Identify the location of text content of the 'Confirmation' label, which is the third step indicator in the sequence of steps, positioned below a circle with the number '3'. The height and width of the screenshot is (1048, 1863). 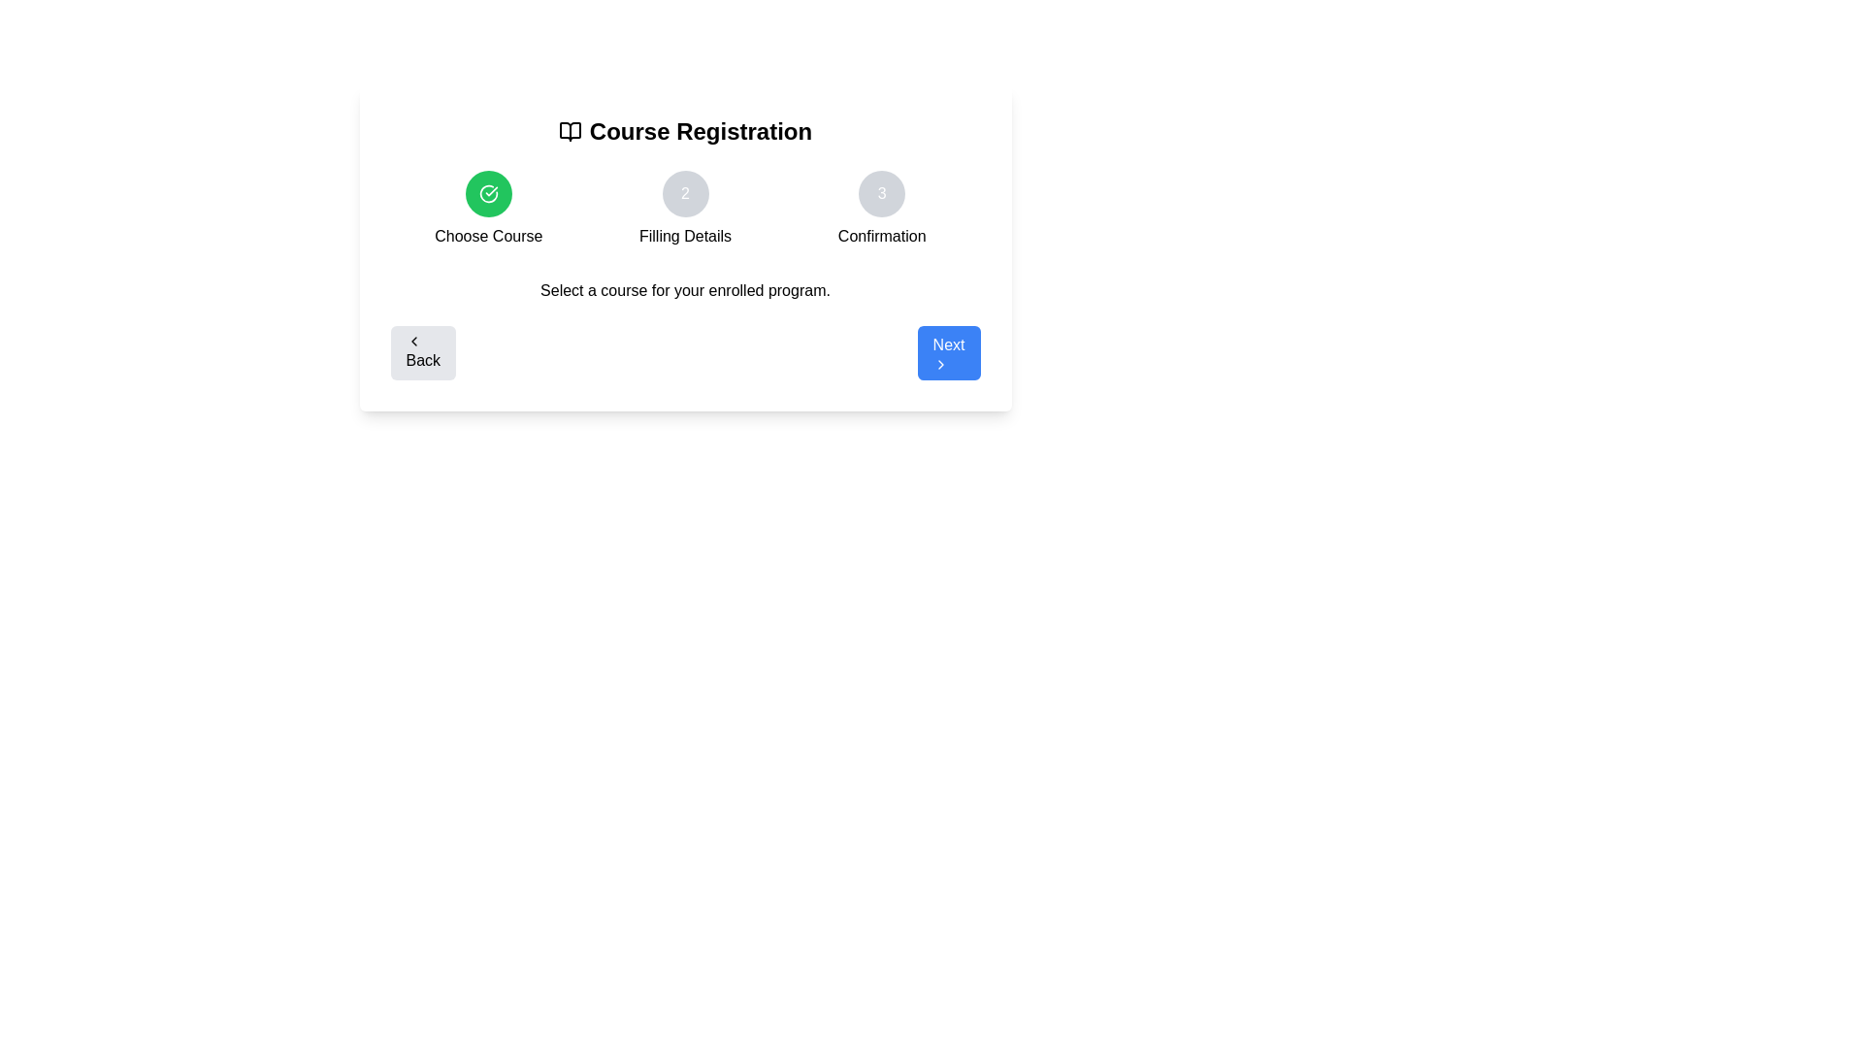
(881, 235).